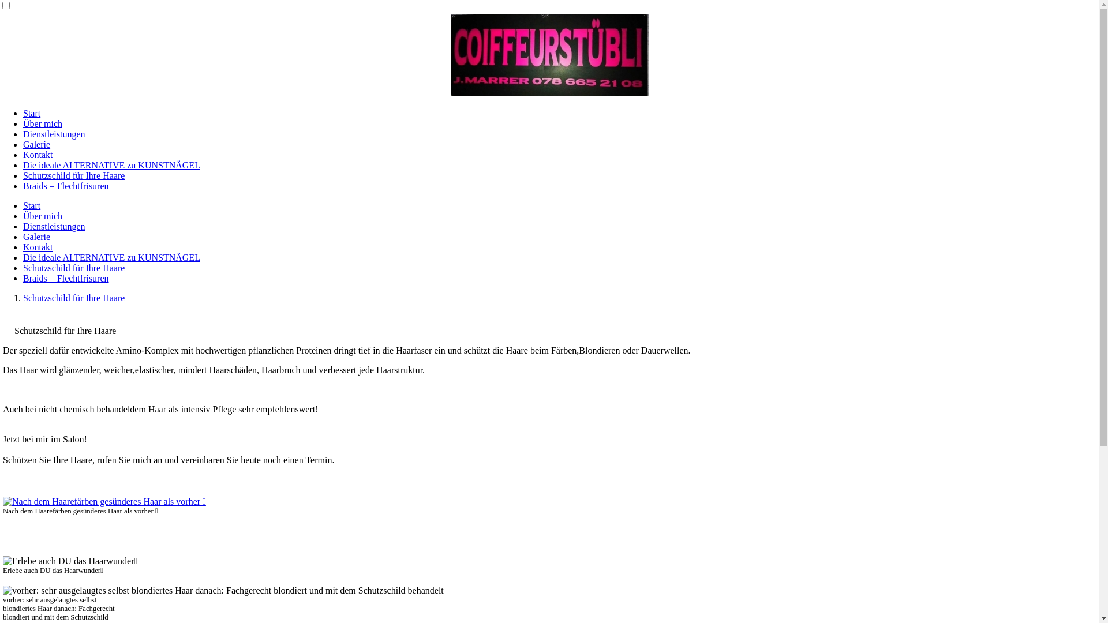  I want to click on 'Dienstleistungen', so click(54, 133).